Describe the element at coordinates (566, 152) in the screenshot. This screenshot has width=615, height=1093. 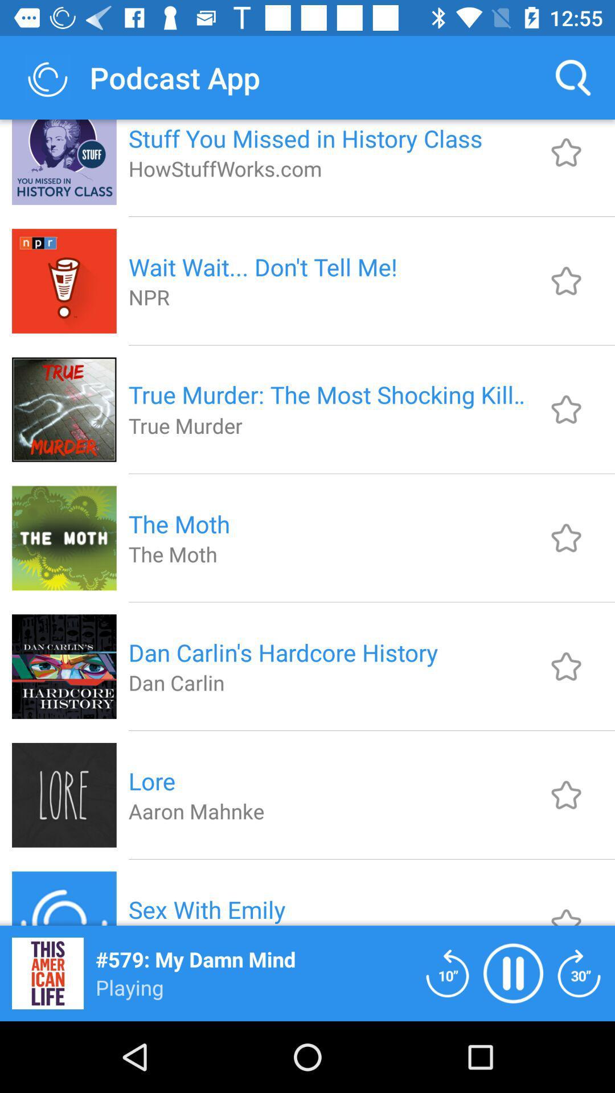
I see `to favorites` at that location.